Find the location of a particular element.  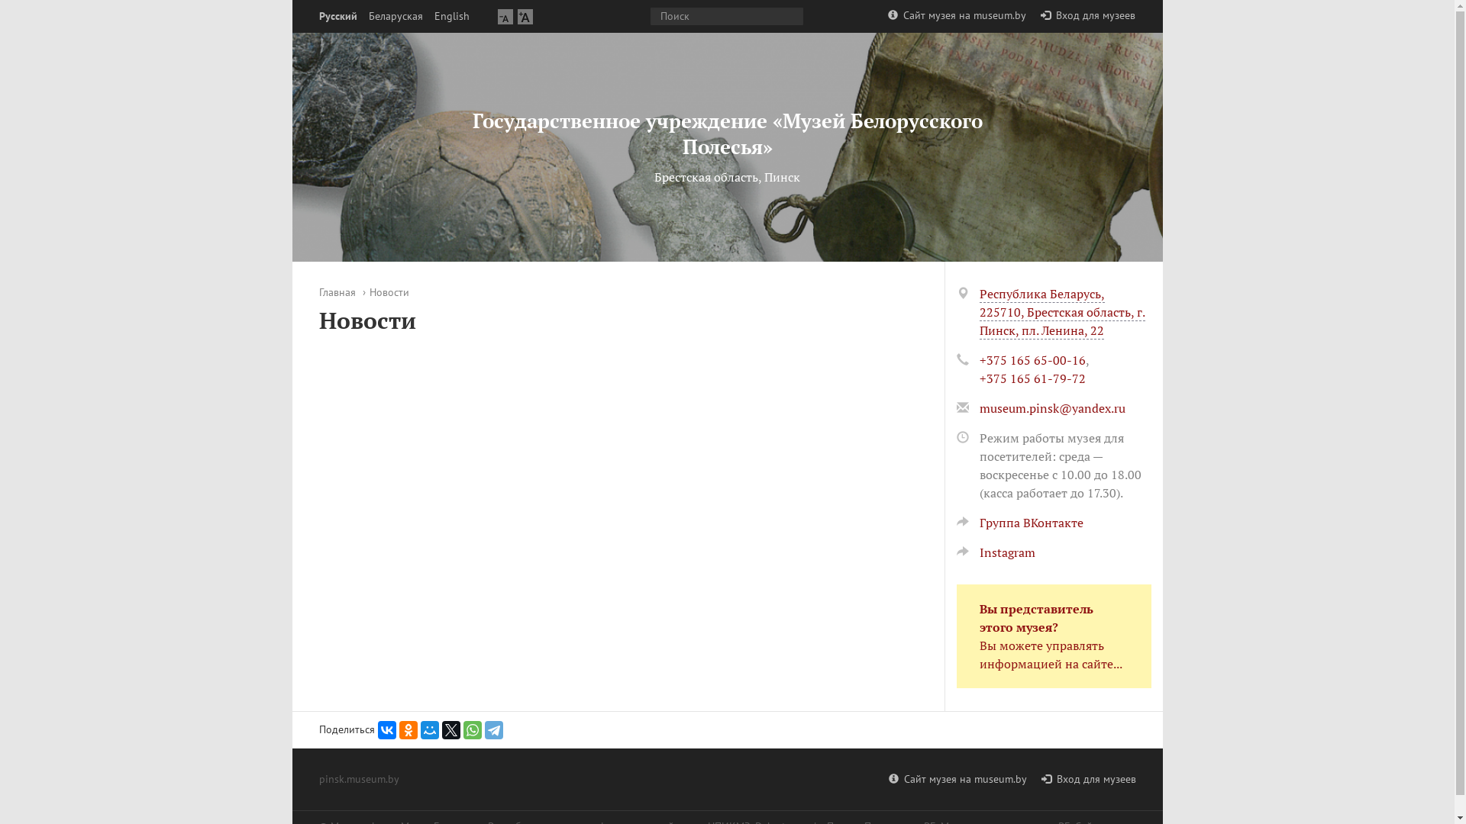

'English' is located at coordinates (450, 16).